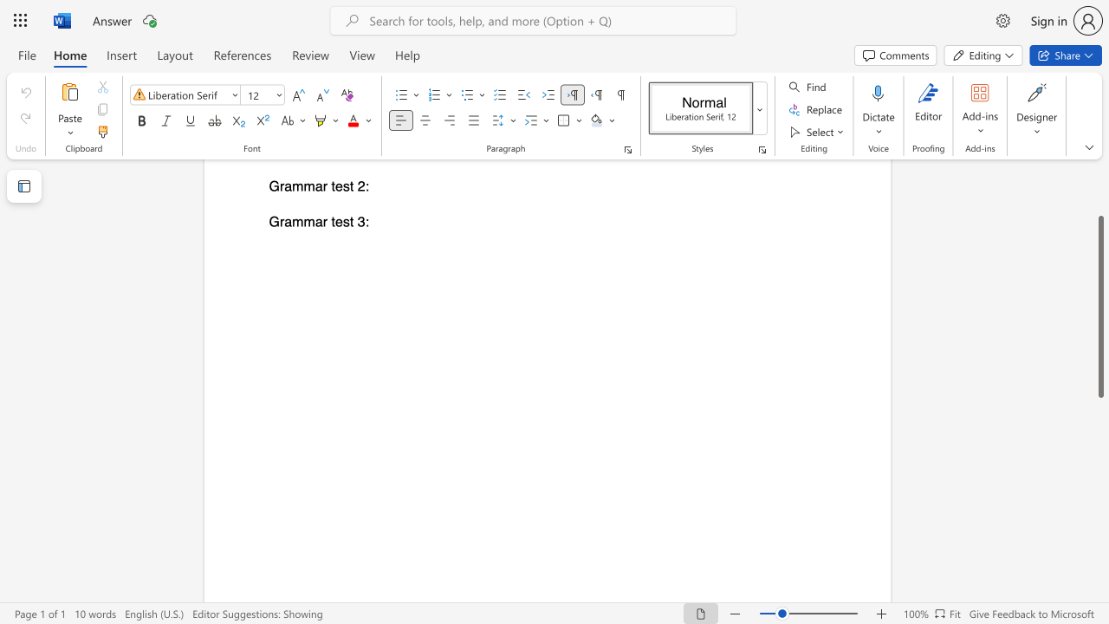 This screenshot has width=1109, height=624. Describe the element at coordinates (1099, 527) in the screenshot. I see `the scrollbar to scroll the page down` at that location.